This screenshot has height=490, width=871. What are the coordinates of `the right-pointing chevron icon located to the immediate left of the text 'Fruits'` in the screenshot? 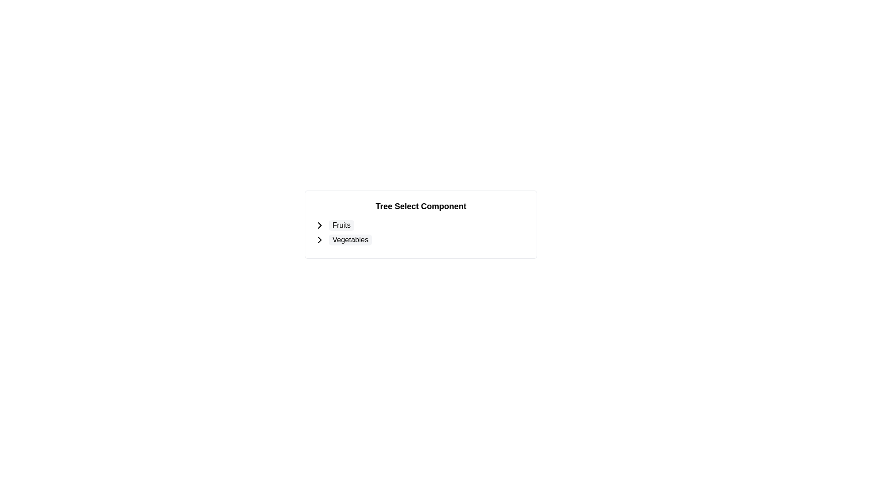 It's located at (320, 225).